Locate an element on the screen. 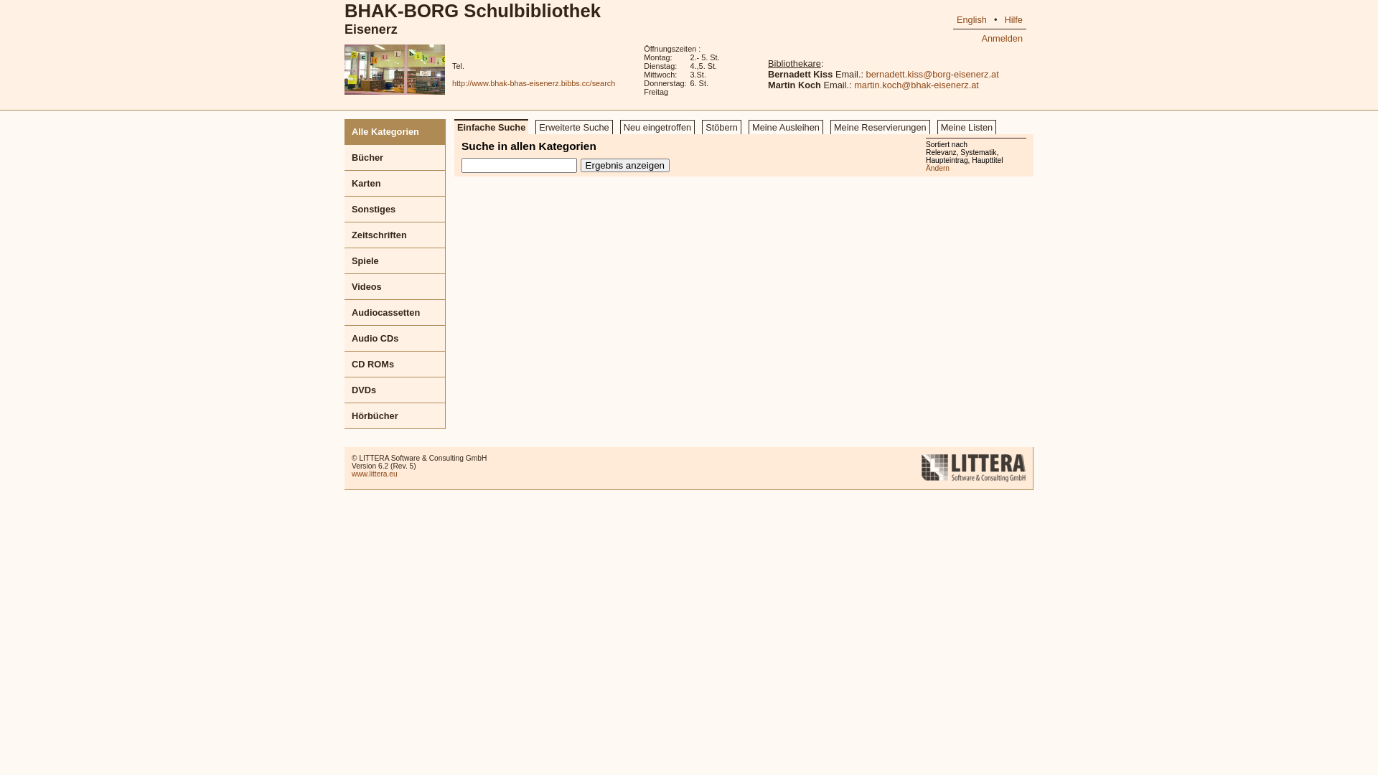 The width and height of the screenshot is (1378, 775). 'Videos' is located at coordinates (395, 287).